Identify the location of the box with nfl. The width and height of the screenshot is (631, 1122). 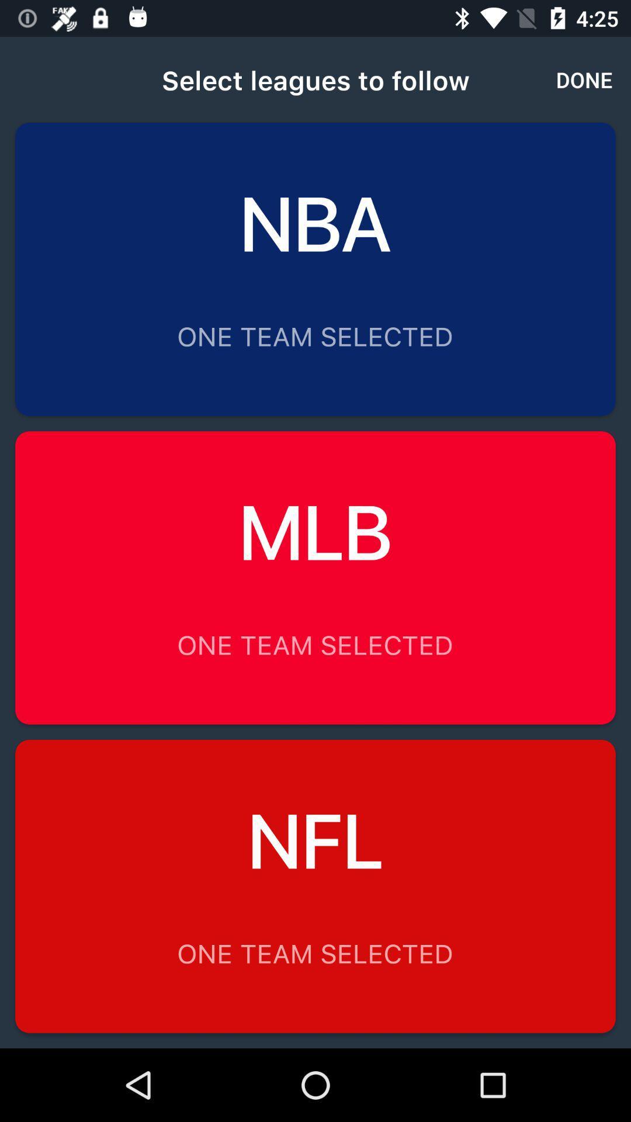
(315, 886).